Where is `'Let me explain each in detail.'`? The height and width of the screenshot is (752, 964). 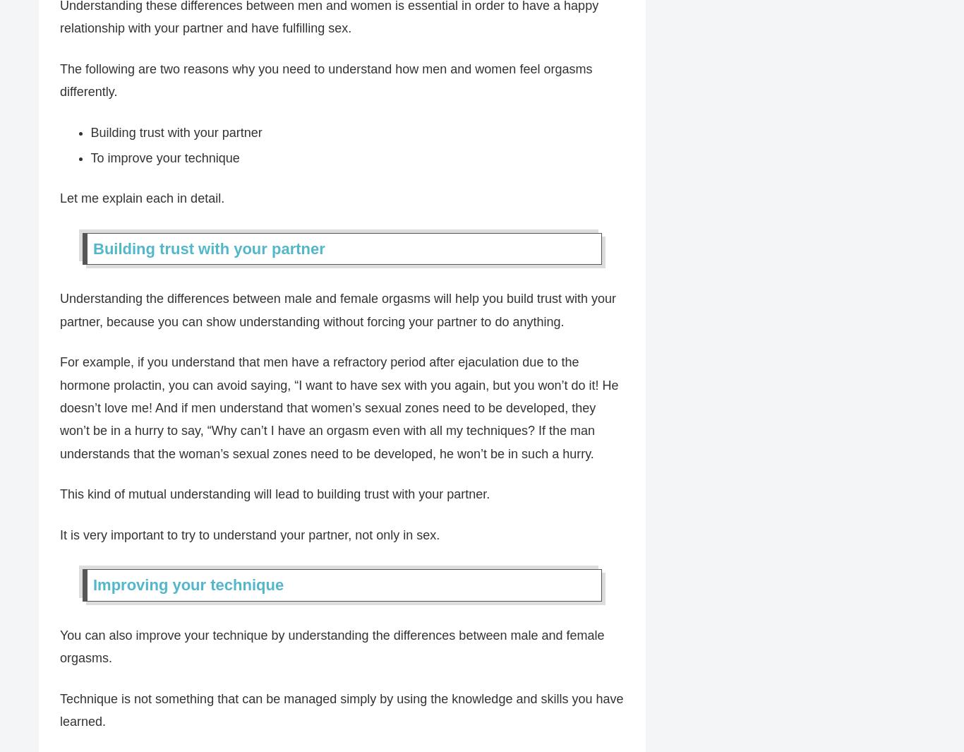
'Let me explain each in detail.' is located at coordinates (59, 198).